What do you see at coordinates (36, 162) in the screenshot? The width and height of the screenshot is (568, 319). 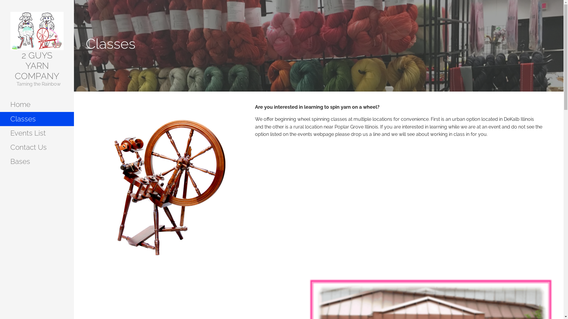 I see `'Bases'` at bounding box center [36, 162].